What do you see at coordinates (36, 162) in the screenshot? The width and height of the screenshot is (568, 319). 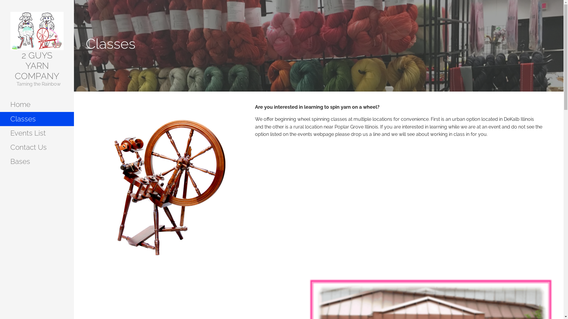 I see `'Bases'` at bounding box center [36, 162].